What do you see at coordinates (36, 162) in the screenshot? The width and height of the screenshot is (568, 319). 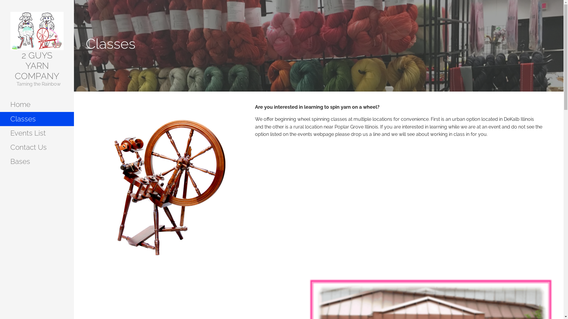 I see `'Bases'` at bounding box center [36, 162].